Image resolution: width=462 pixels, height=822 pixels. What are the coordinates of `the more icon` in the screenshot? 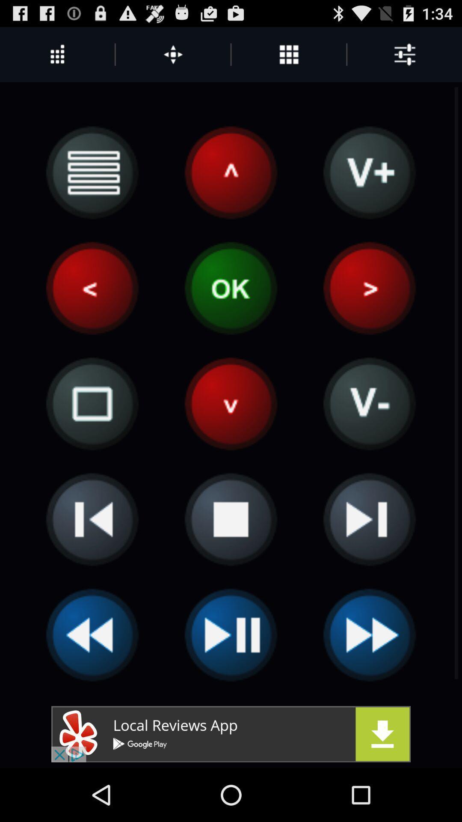 It's located at (173, 58).